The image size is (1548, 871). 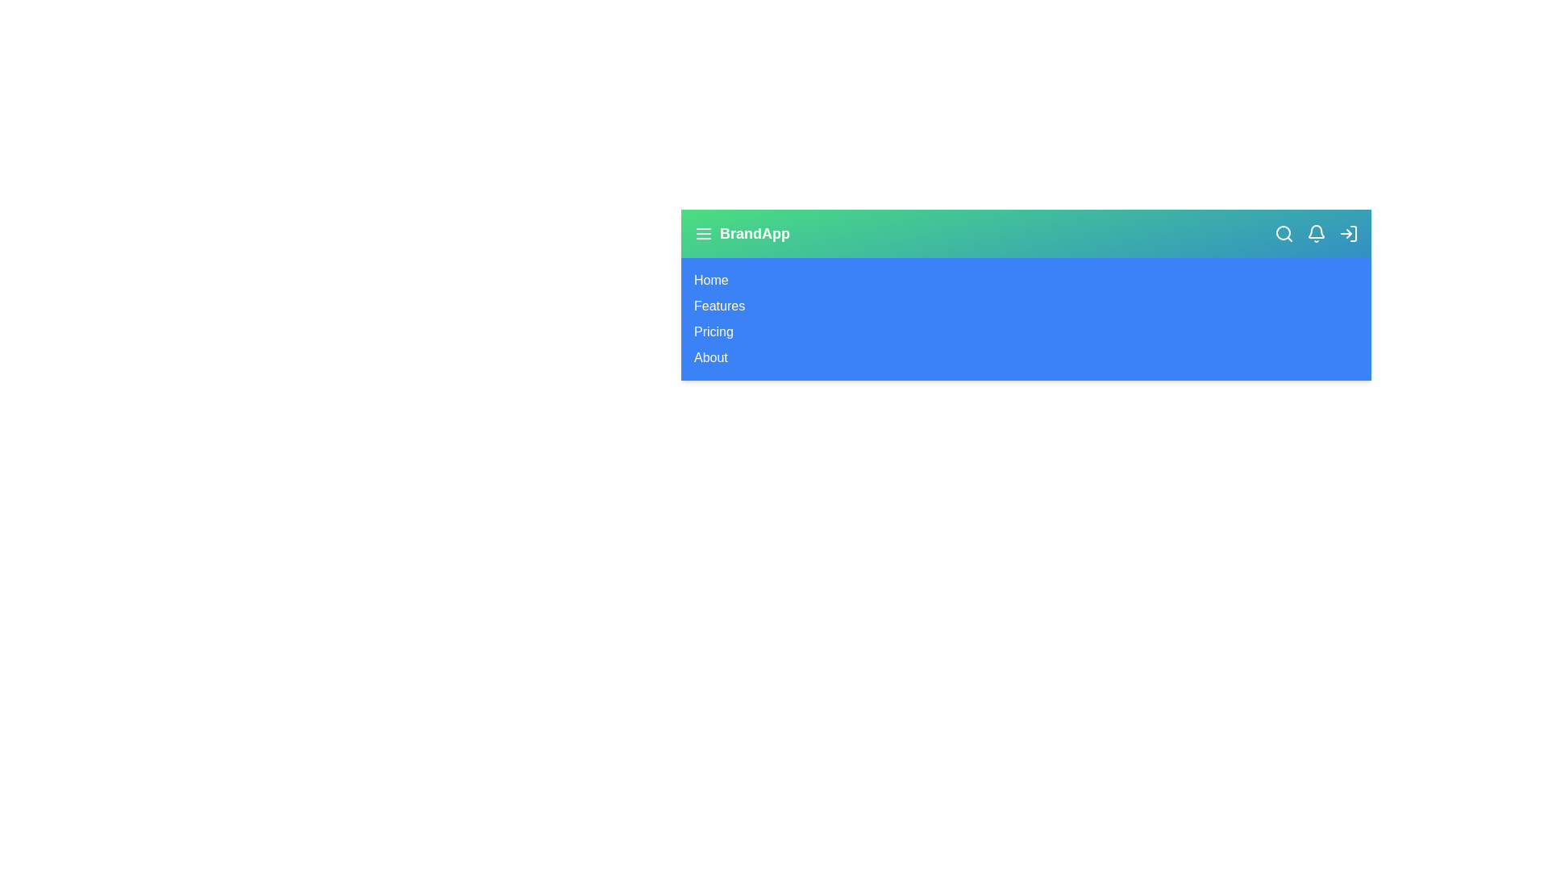 I want to click on the notification bell icon, so click(x=1316, y=233).